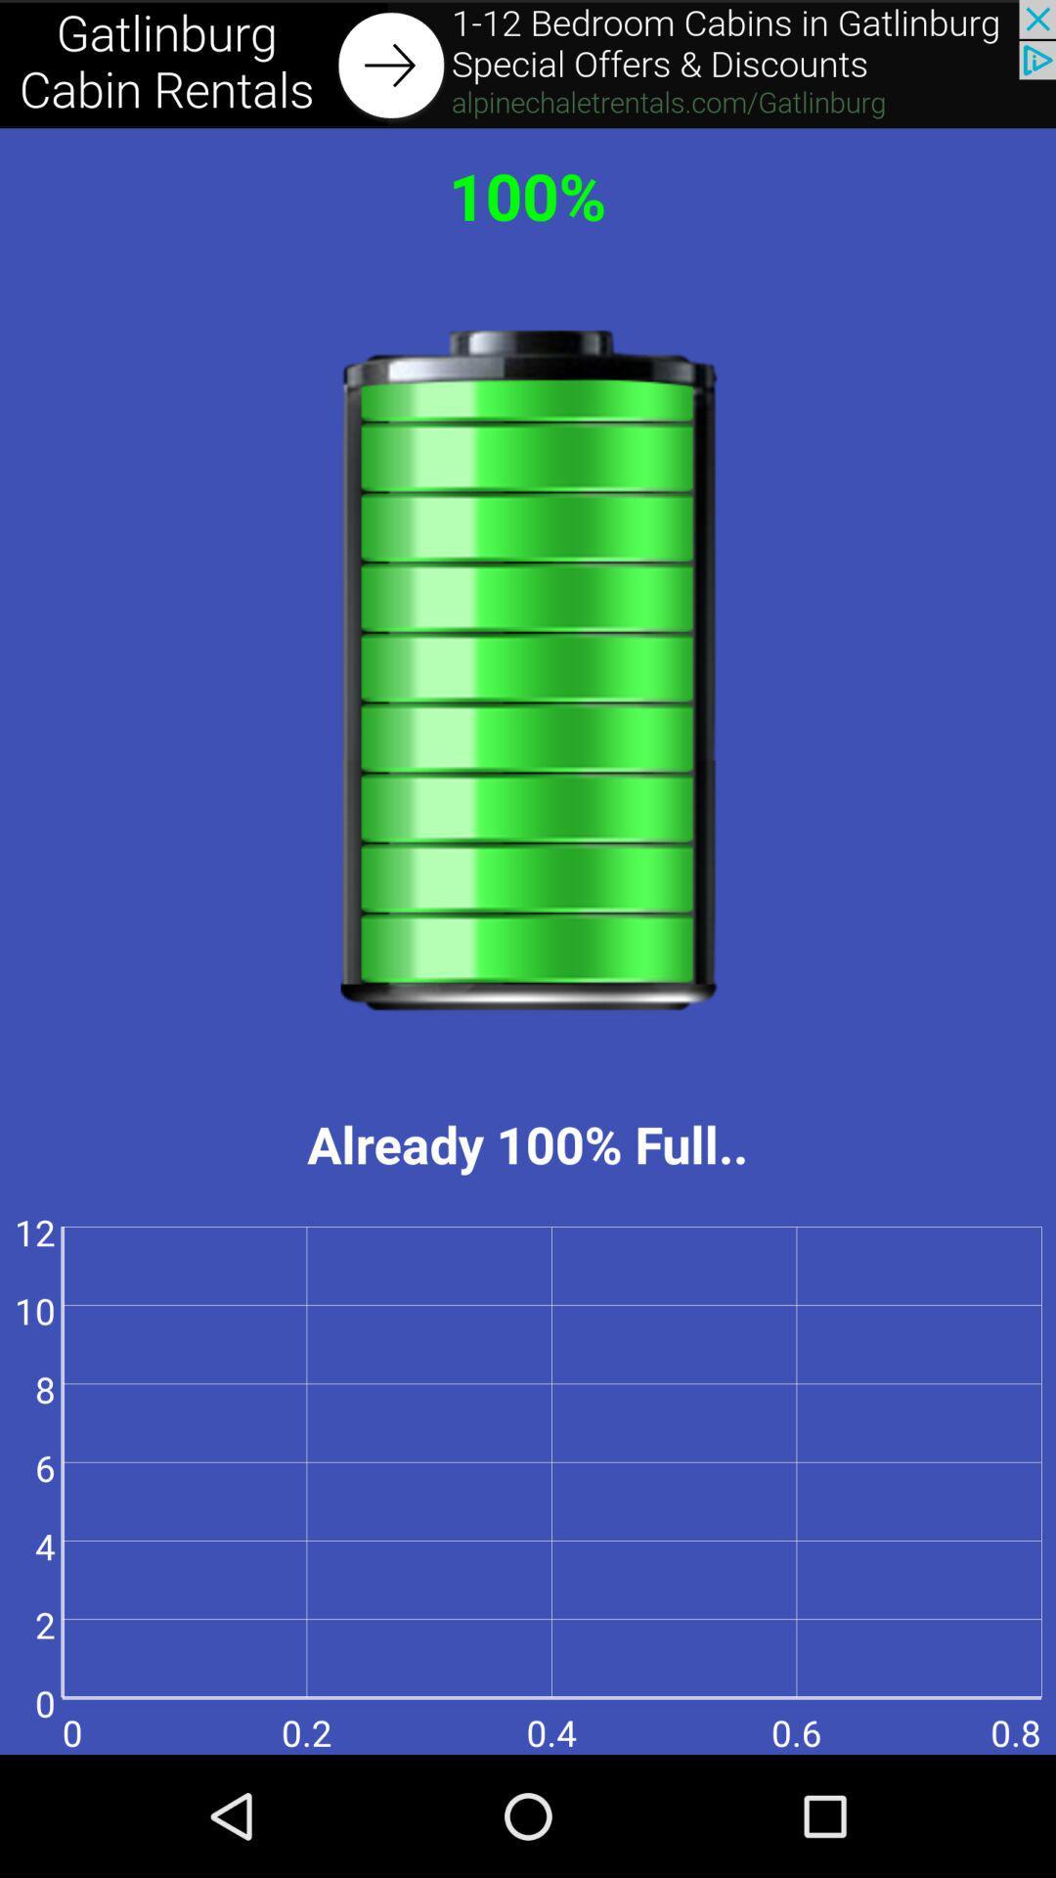  I want to click on advertisement area, so click(528, 64).